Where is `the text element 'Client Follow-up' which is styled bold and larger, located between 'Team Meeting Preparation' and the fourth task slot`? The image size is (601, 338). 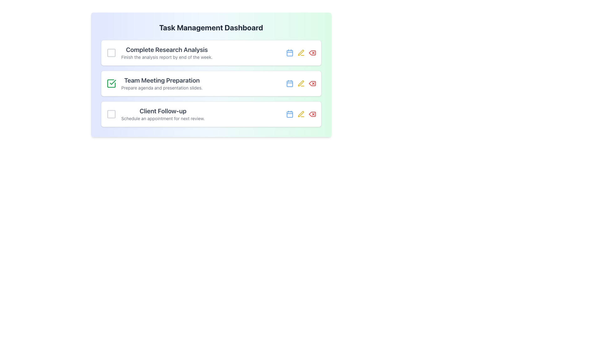 the text element 'Client Follow-up' which is styled bold and larger, located between 'Team Meeting Preparation' and the fourth task slot is located at coordinates (155, 114).